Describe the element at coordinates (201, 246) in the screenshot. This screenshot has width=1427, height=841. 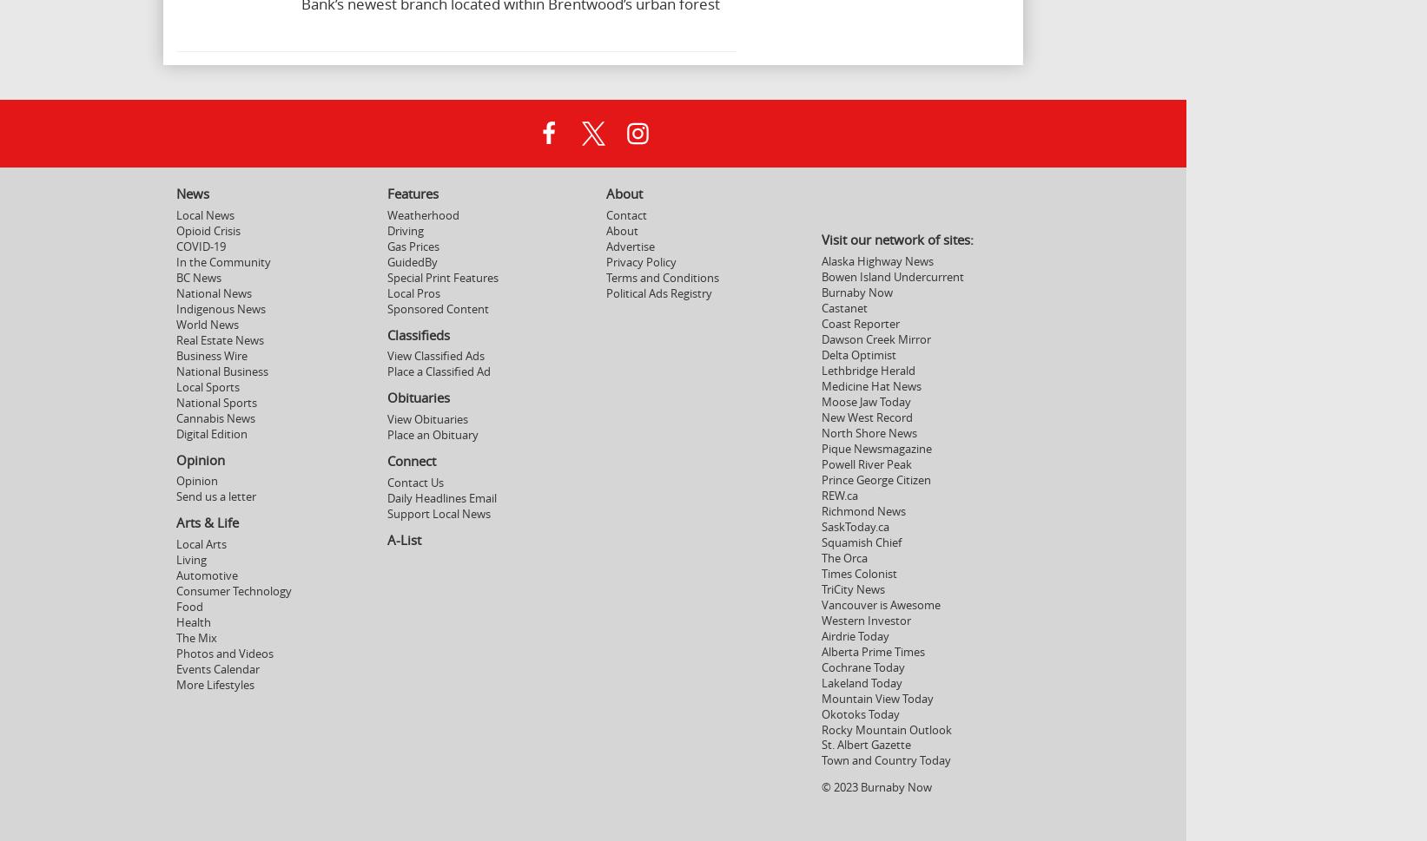
I see `'COVID-19'` at that location.